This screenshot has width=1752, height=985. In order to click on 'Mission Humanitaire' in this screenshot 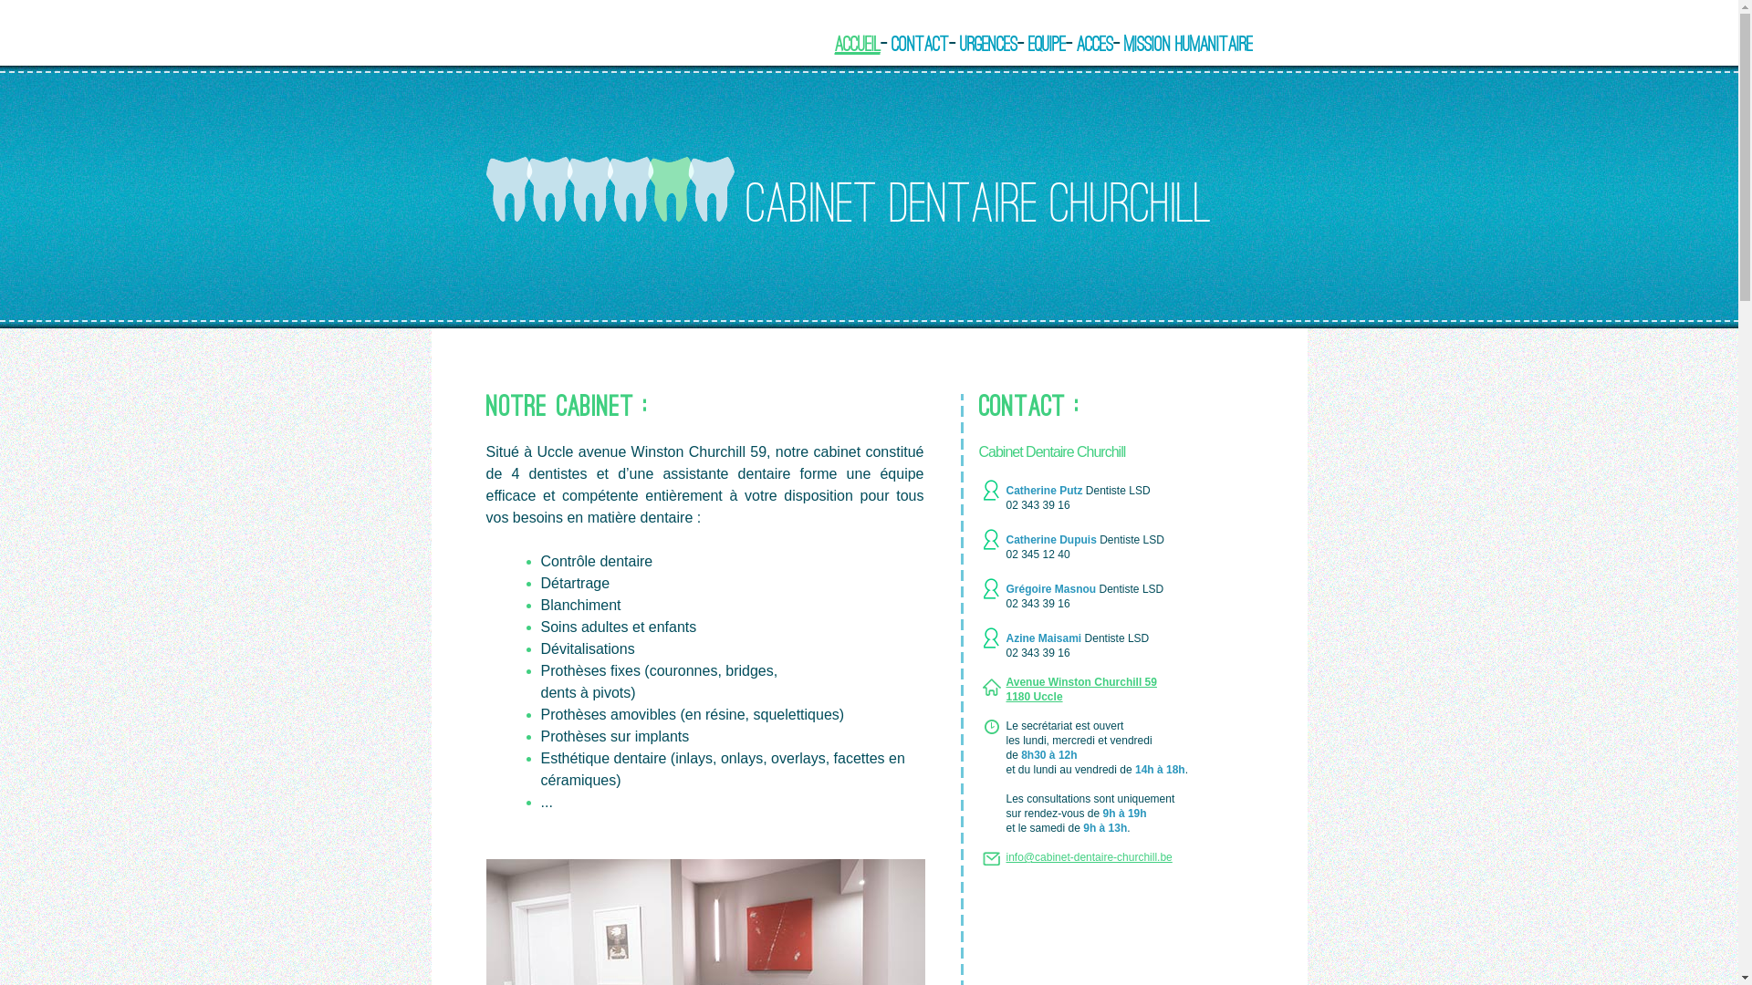, I will do `click(1188, 43)`.